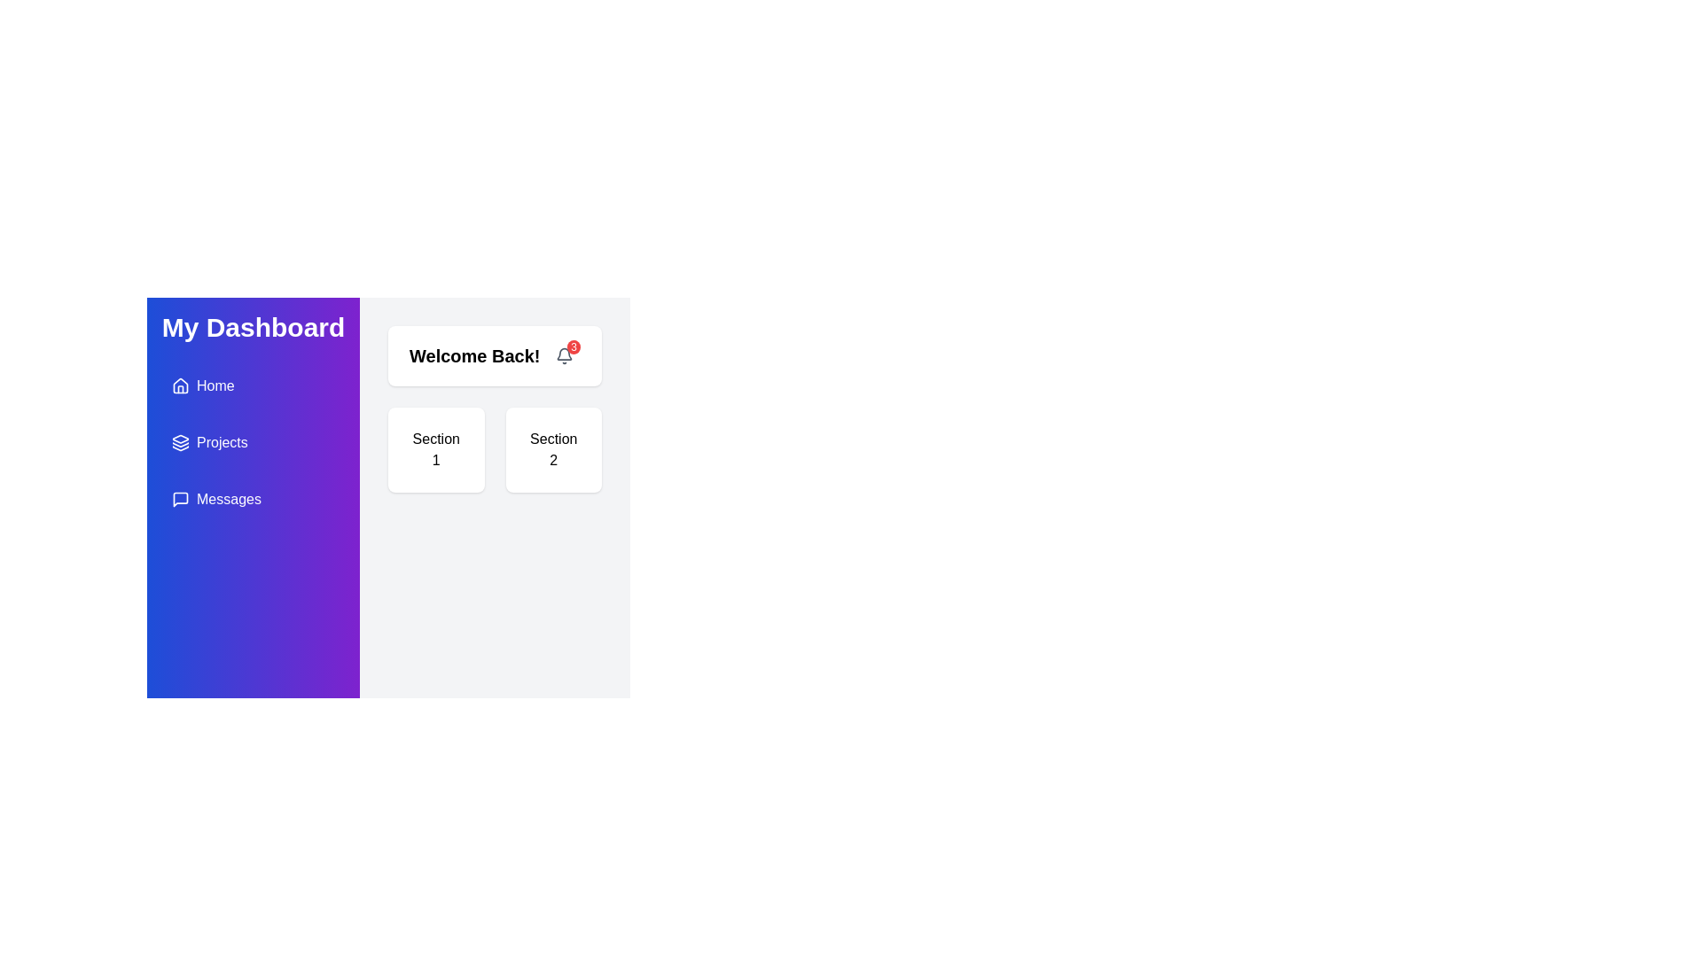 This screenshot has height=957, width=1702. What do you see at coordinates (574, 347) in the screenshot?
I see `the red circular Notification Badge displaying '3' located at the top-right corner of the bell icon in the 'Welcome Back!' section` at bounding box center [574, 347].